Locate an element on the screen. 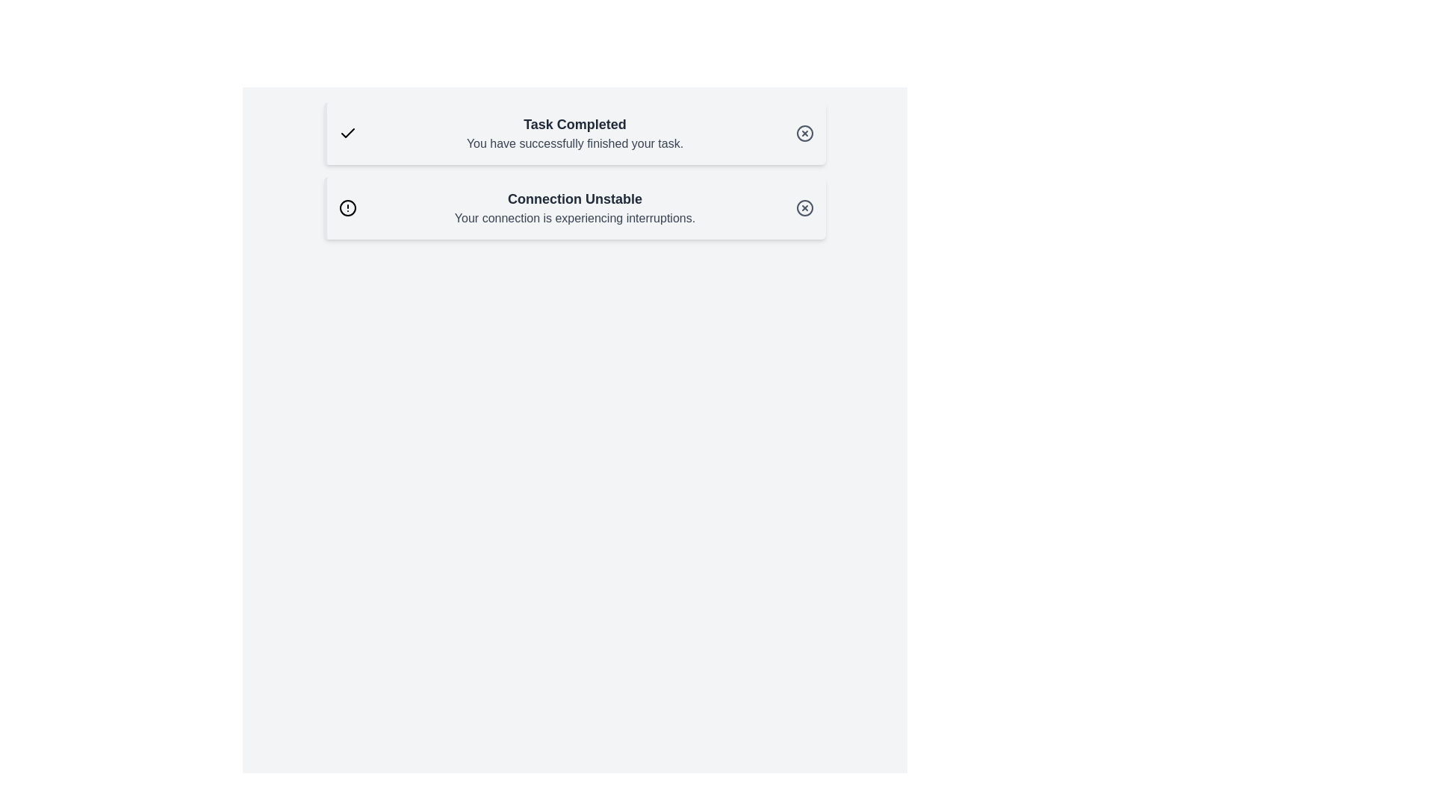  the text block displaying the message 'Task Completed' with the description 'You have successfully finished your task.' is located at coordinates (574, 132).